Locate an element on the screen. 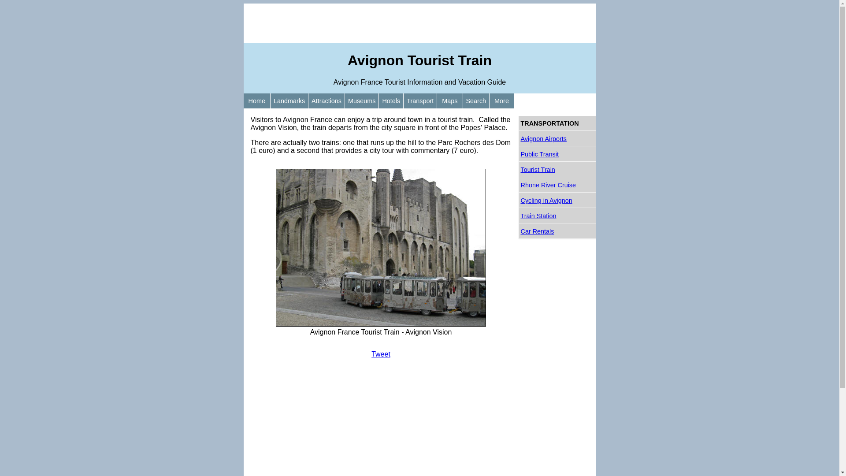  'Train Station' is located at coordinates (557, 216).